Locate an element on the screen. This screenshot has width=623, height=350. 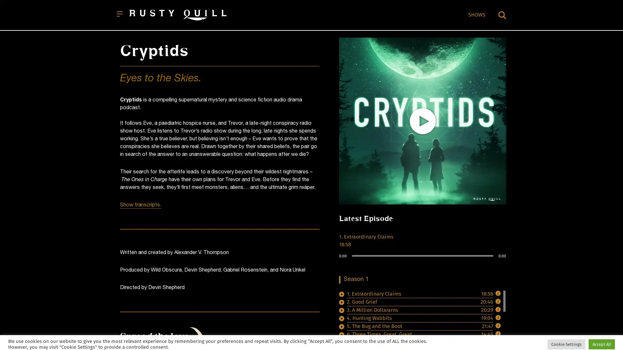
Open menu is located at coordinates (120, 14).